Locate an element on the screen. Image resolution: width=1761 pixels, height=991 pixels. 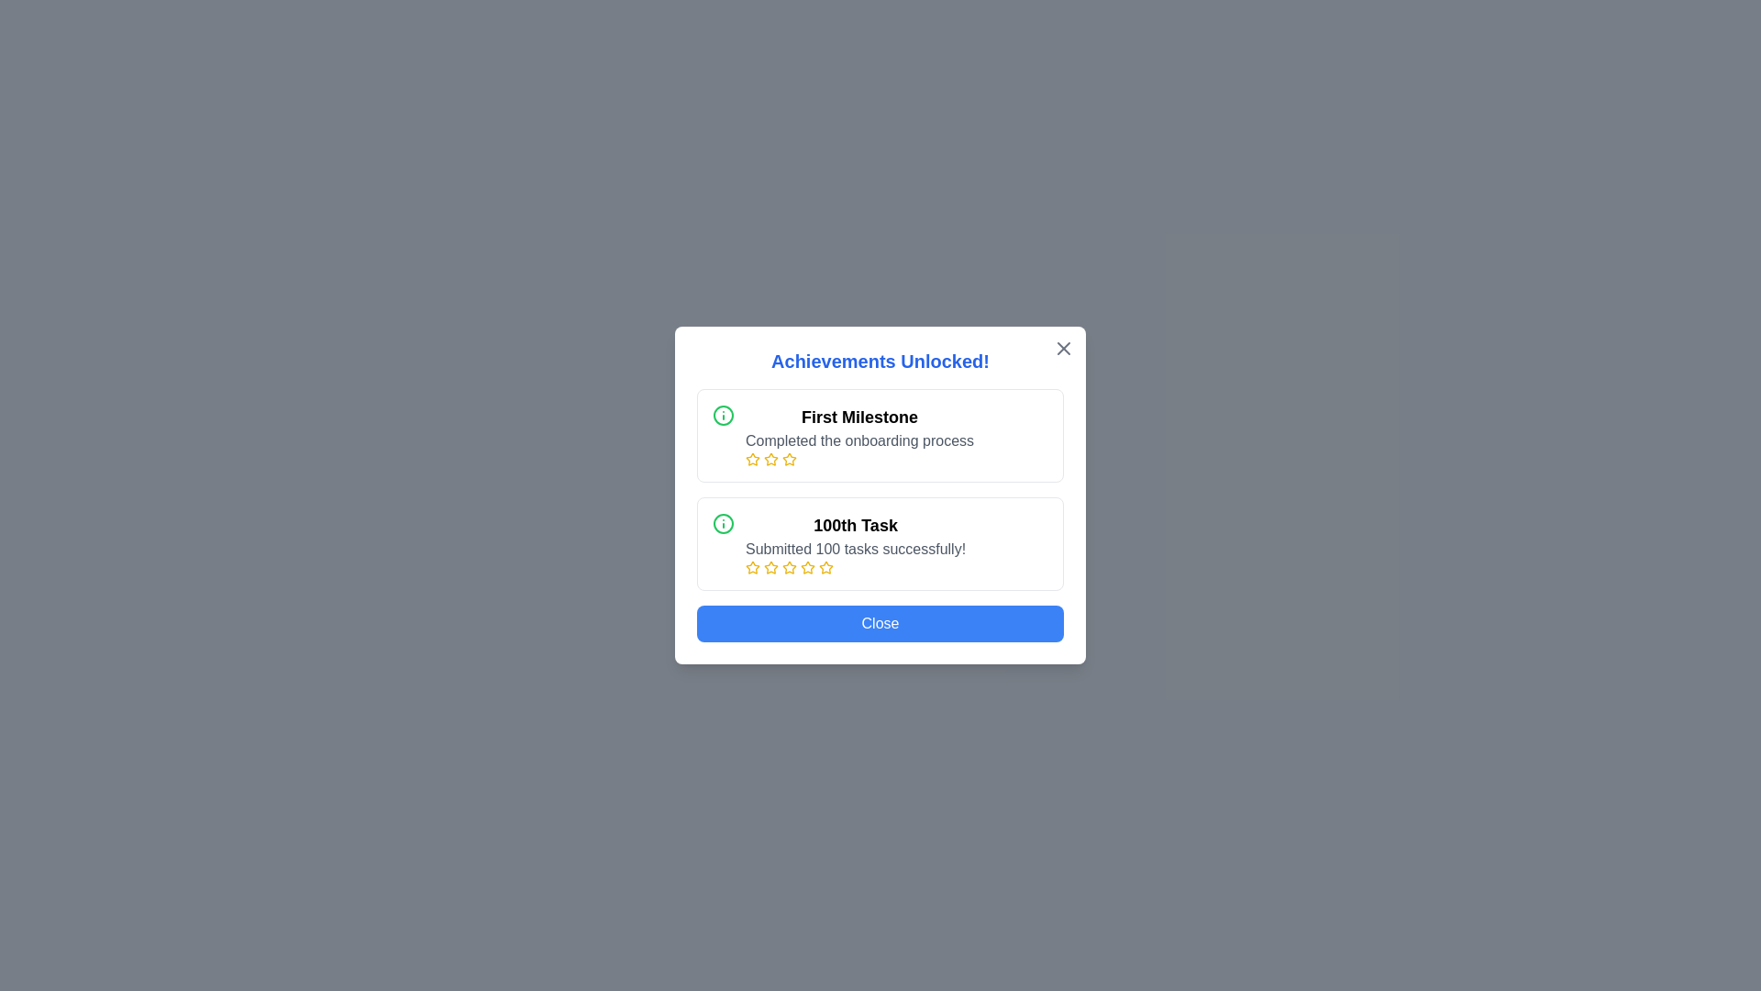
the fifth star icon is located at coordinates (807, 566).